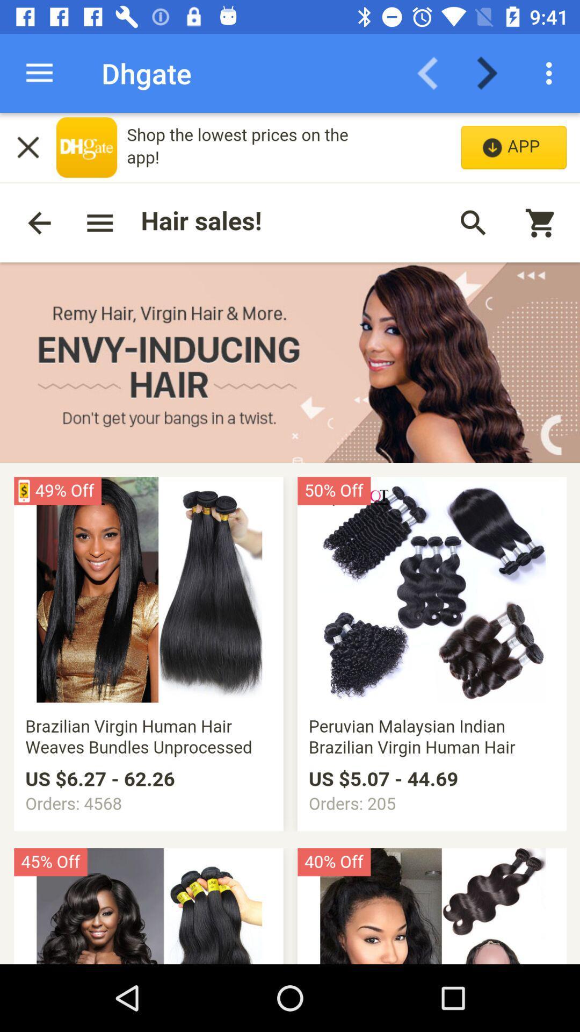  Describe the element at coordinates (494, 73) in the screenshot. I see `next selection` at that location.